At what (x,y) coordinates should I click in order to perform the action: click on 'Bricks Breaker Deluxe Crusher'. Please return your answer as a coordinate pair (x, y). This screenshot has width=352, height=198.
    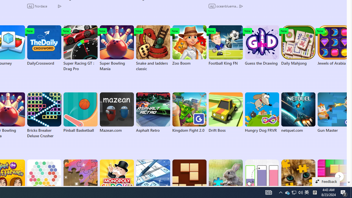
    Looking at the image, I should click on (44, 115).